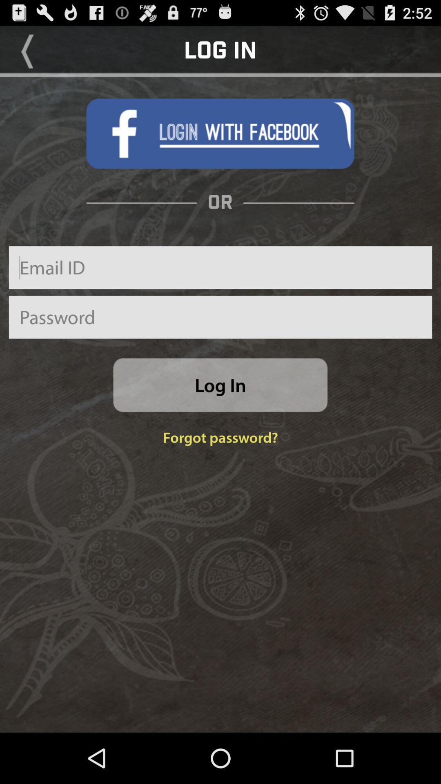  Describe the element at coordinates (220, 134) in the screenshot. I see `login using facebook` at that location.